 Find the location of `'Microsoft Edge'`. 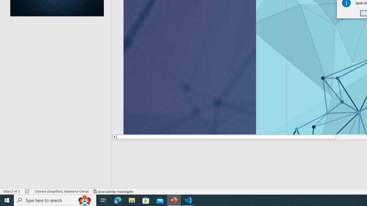

'Microsoft Edge' is located at coordinates (118, 200).